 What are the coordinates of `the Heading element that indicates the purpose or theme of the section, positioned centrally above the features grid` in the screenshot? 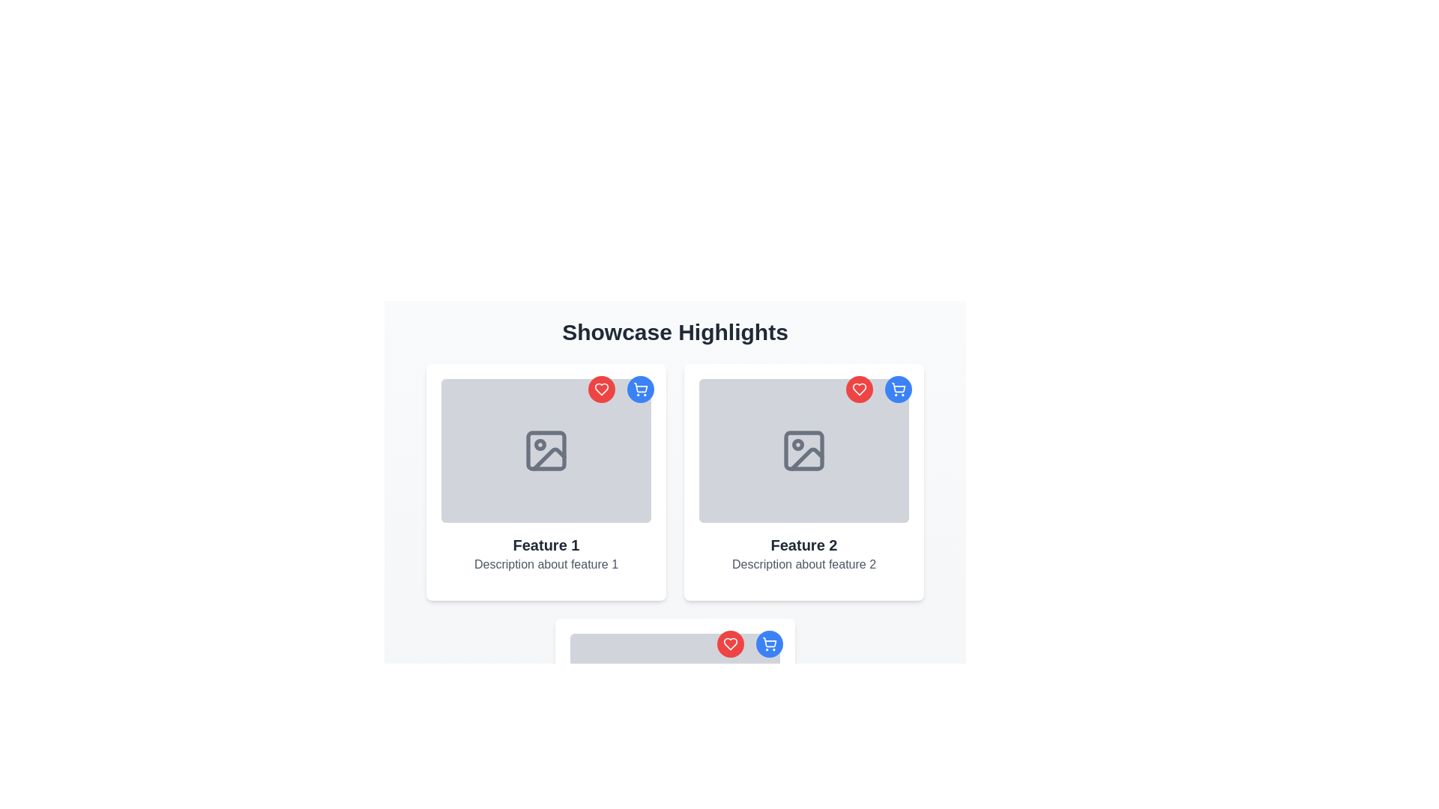 It's located at (675, 331).